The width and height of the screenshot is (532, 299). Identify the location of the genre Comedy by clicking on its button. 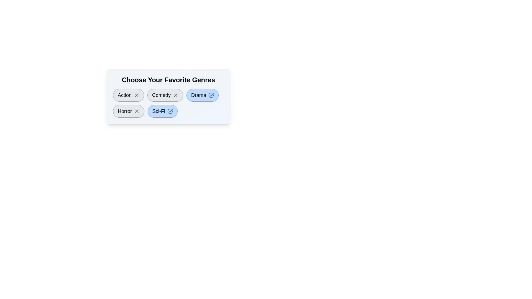
(165, 95).